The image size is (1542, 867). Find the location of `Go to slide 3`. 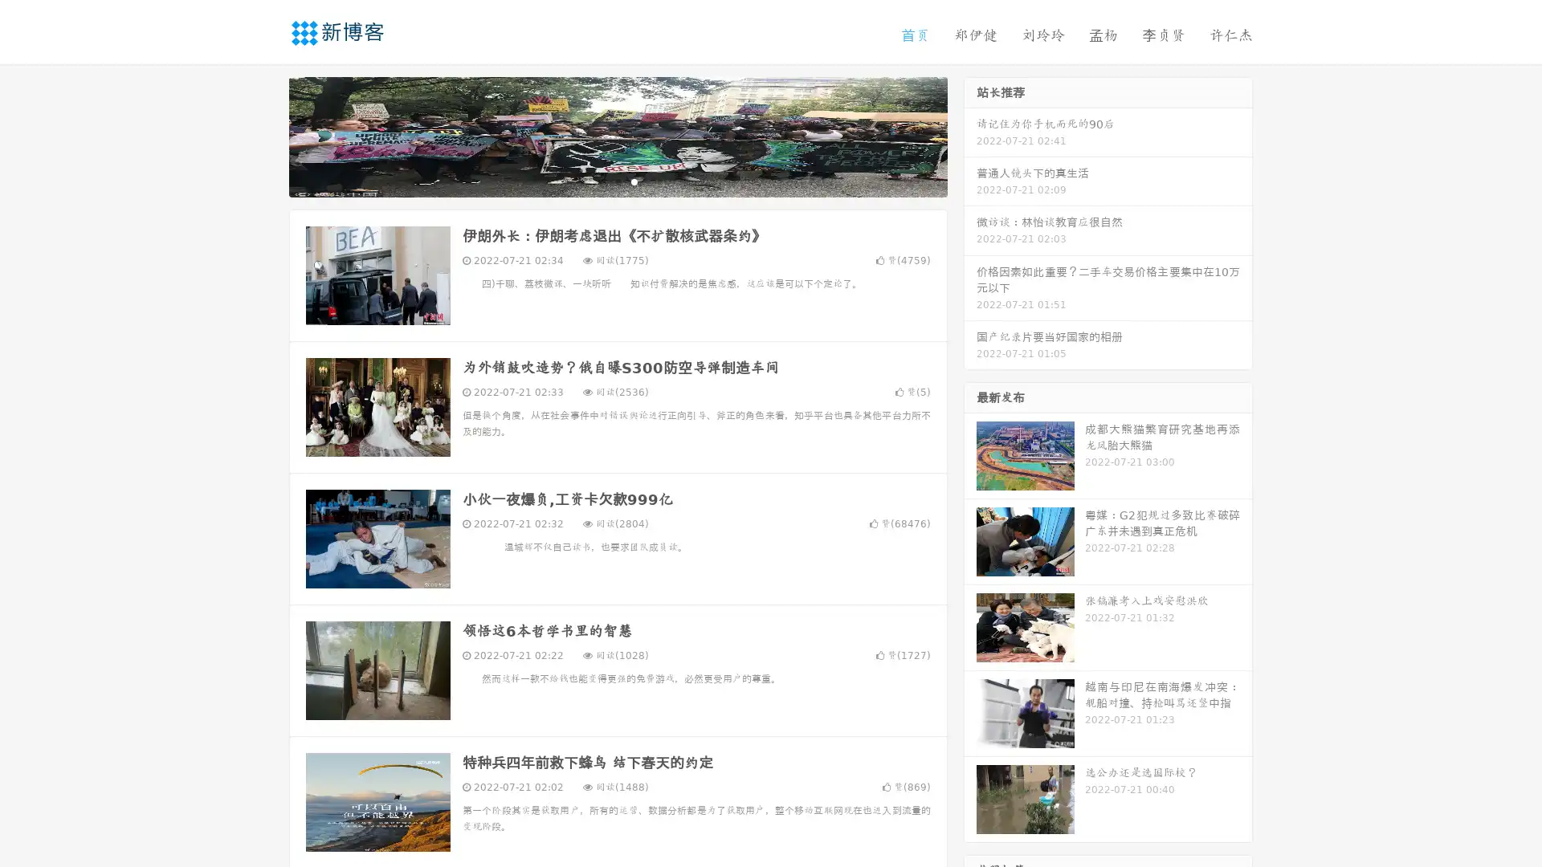

Go to slide 3 is located at coordinates (634, 181).